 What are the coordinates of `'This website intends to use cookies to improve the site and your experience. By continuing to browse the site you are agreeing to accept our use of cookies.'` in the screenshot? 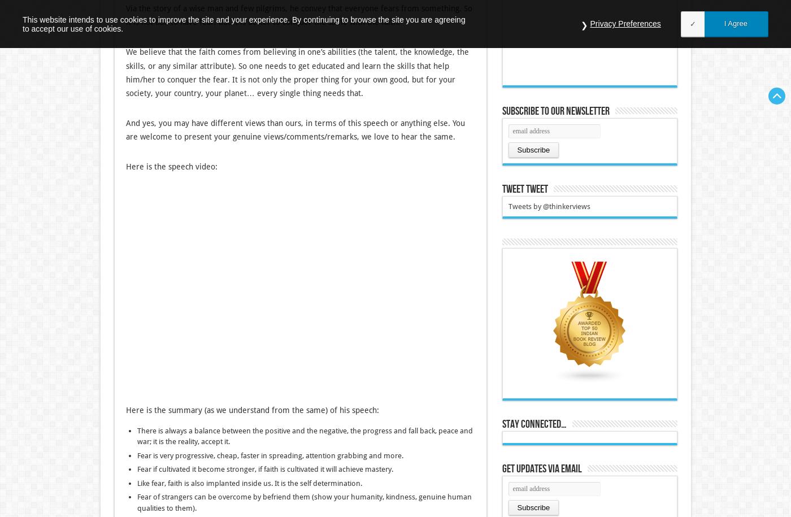 It's located at (244, 23).